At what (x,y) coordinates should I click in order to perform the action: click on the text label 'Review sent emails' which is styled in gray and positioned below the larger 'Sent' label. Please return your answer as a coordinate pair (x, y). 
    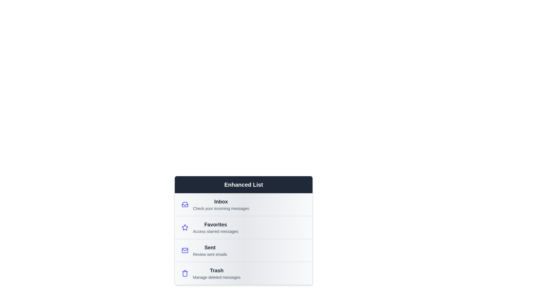
    Looking at the image, I should click on (210, 254).